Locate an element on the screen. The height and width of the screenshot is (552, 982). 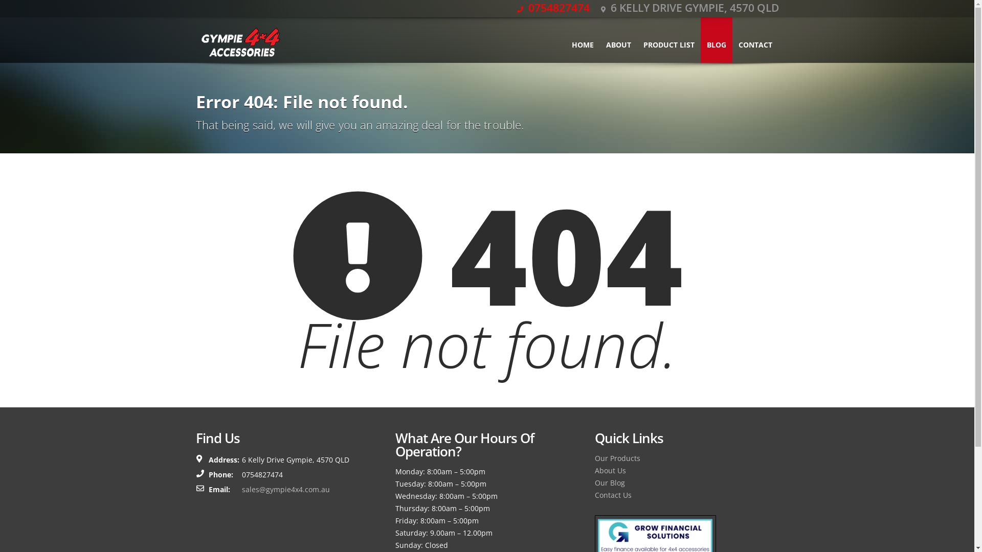
'BLOG' is located at coordinates (700, 39).